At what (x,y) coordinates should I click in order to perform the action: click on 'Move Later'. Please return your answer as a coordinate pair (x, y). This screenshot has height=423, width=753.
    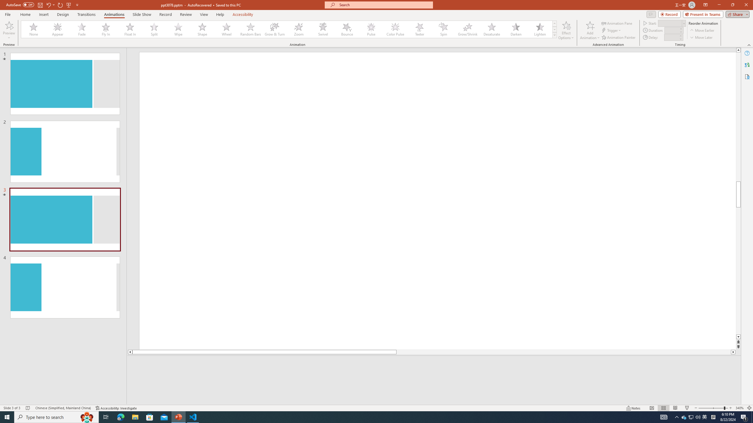
    Looking at the image, I should click on (701, 37).